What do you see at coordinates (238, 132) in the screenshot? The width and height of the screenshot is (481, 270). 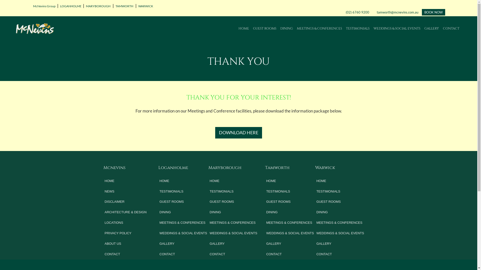 I see `'DOWNLOAD HERE'` at bounding box center [238, 132].